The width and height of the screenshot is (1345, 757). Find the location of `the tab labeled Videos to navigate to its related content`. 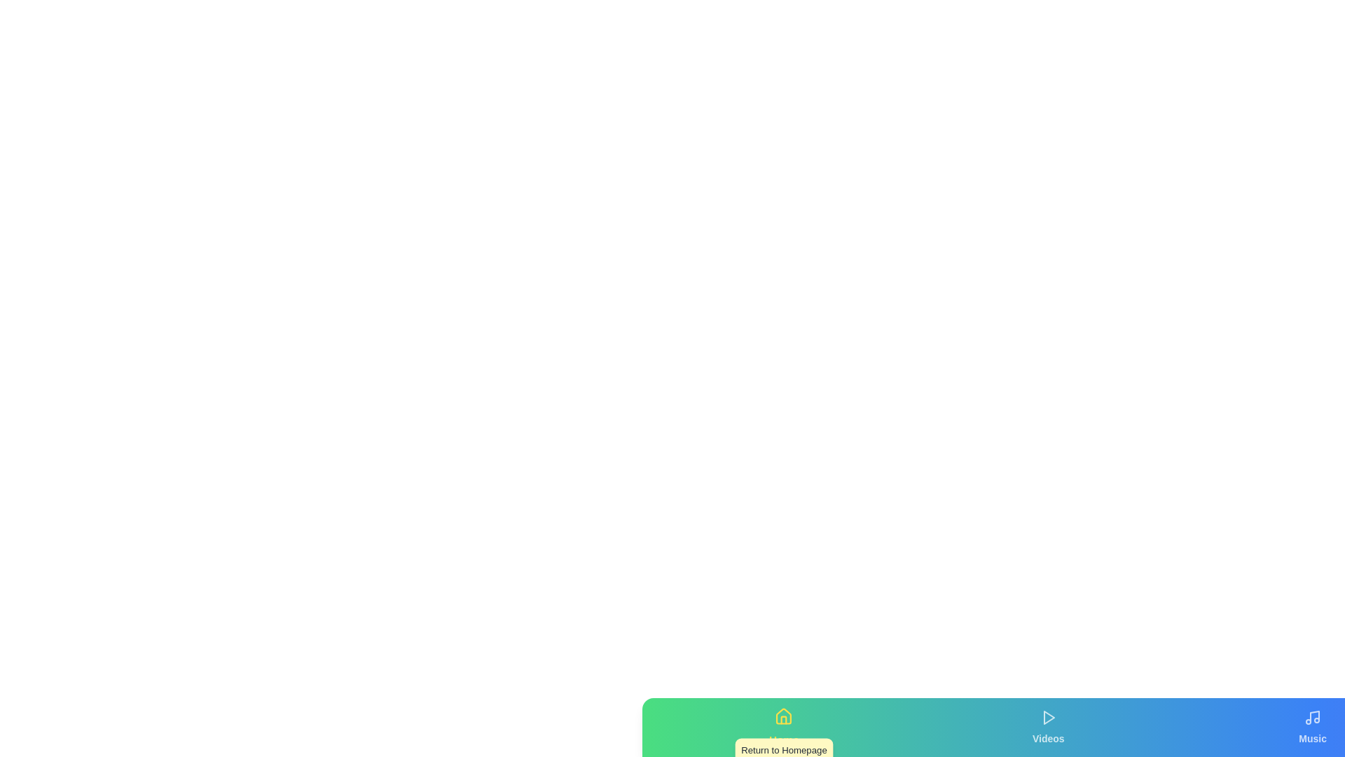

the tab labeled Videos to navigate to its related content is located at coordinates (1048, 726).